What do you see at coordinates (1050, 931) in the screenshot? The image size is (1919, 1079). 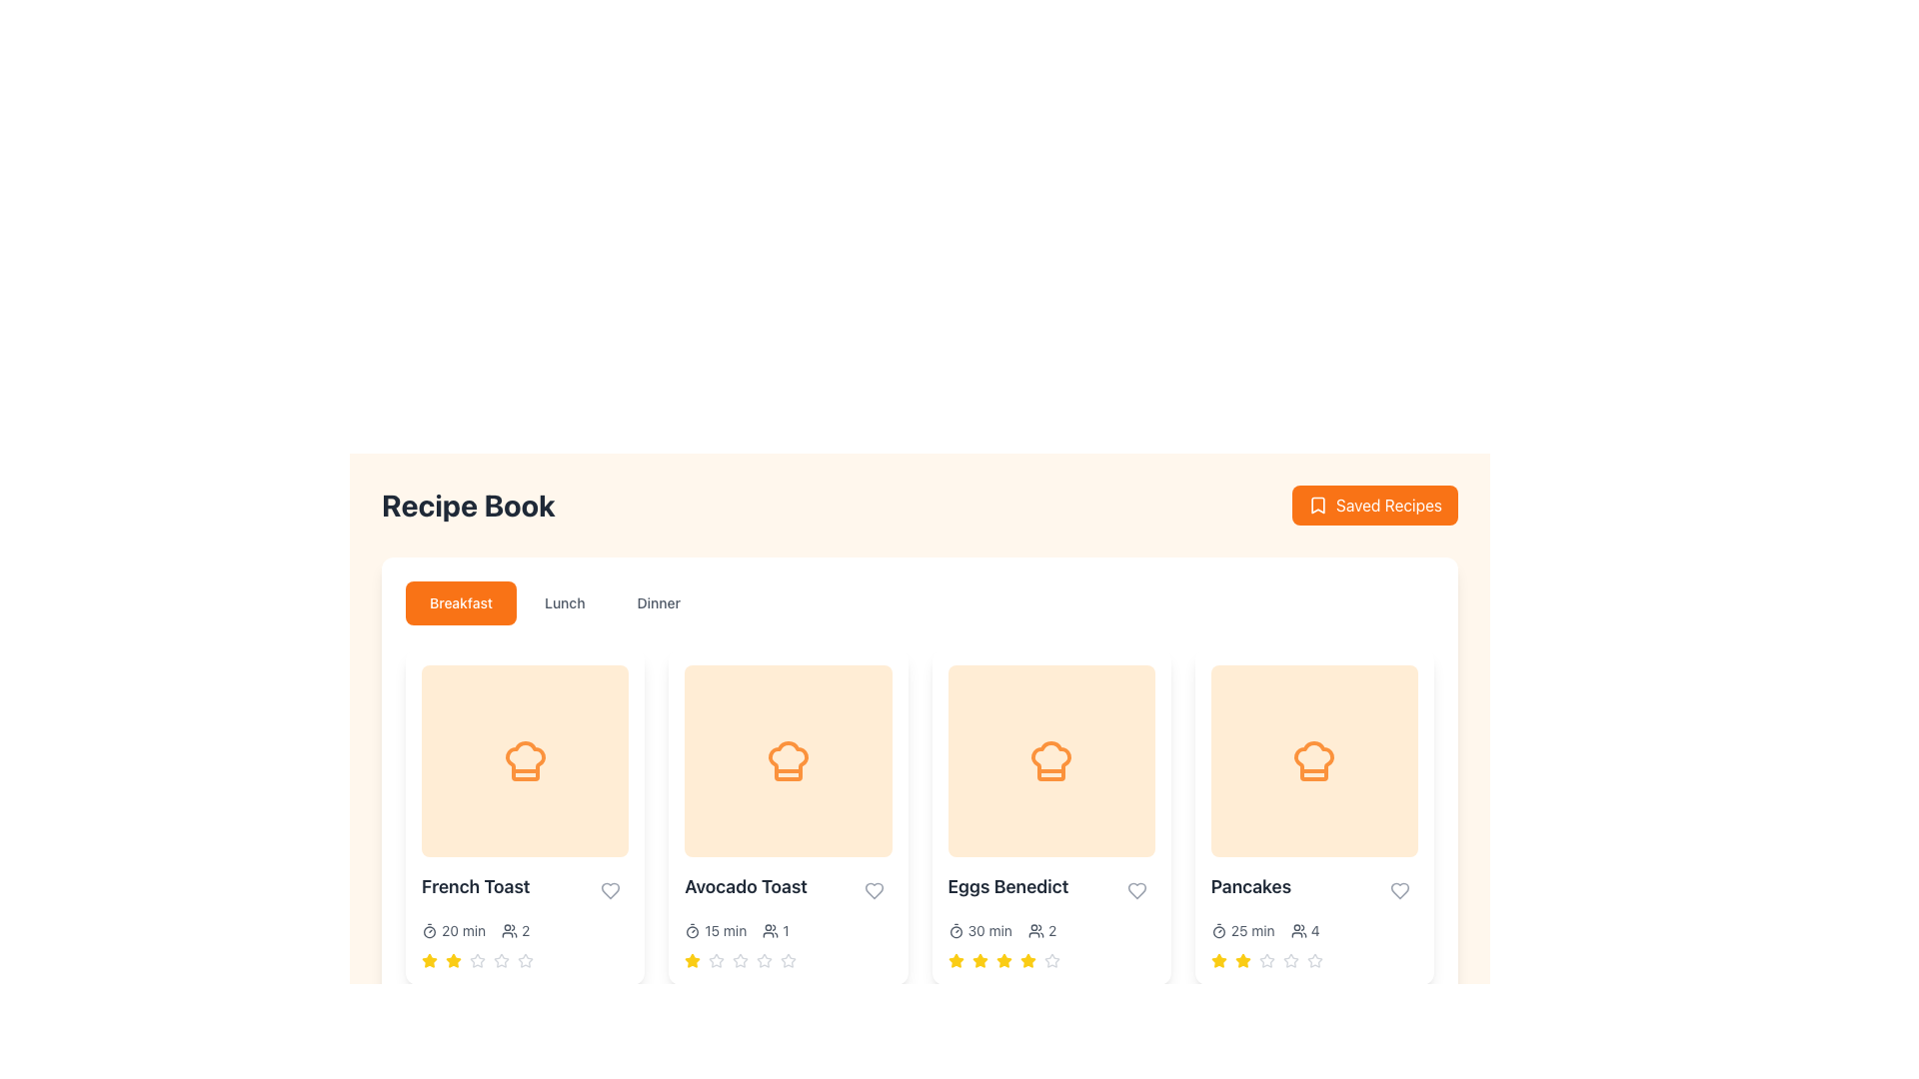 I see `recipe-related metadata text indicating preparation time and serving size located below the title 'Eggs Benedict' and above the star rating section` at bounding box center [1050, 931].